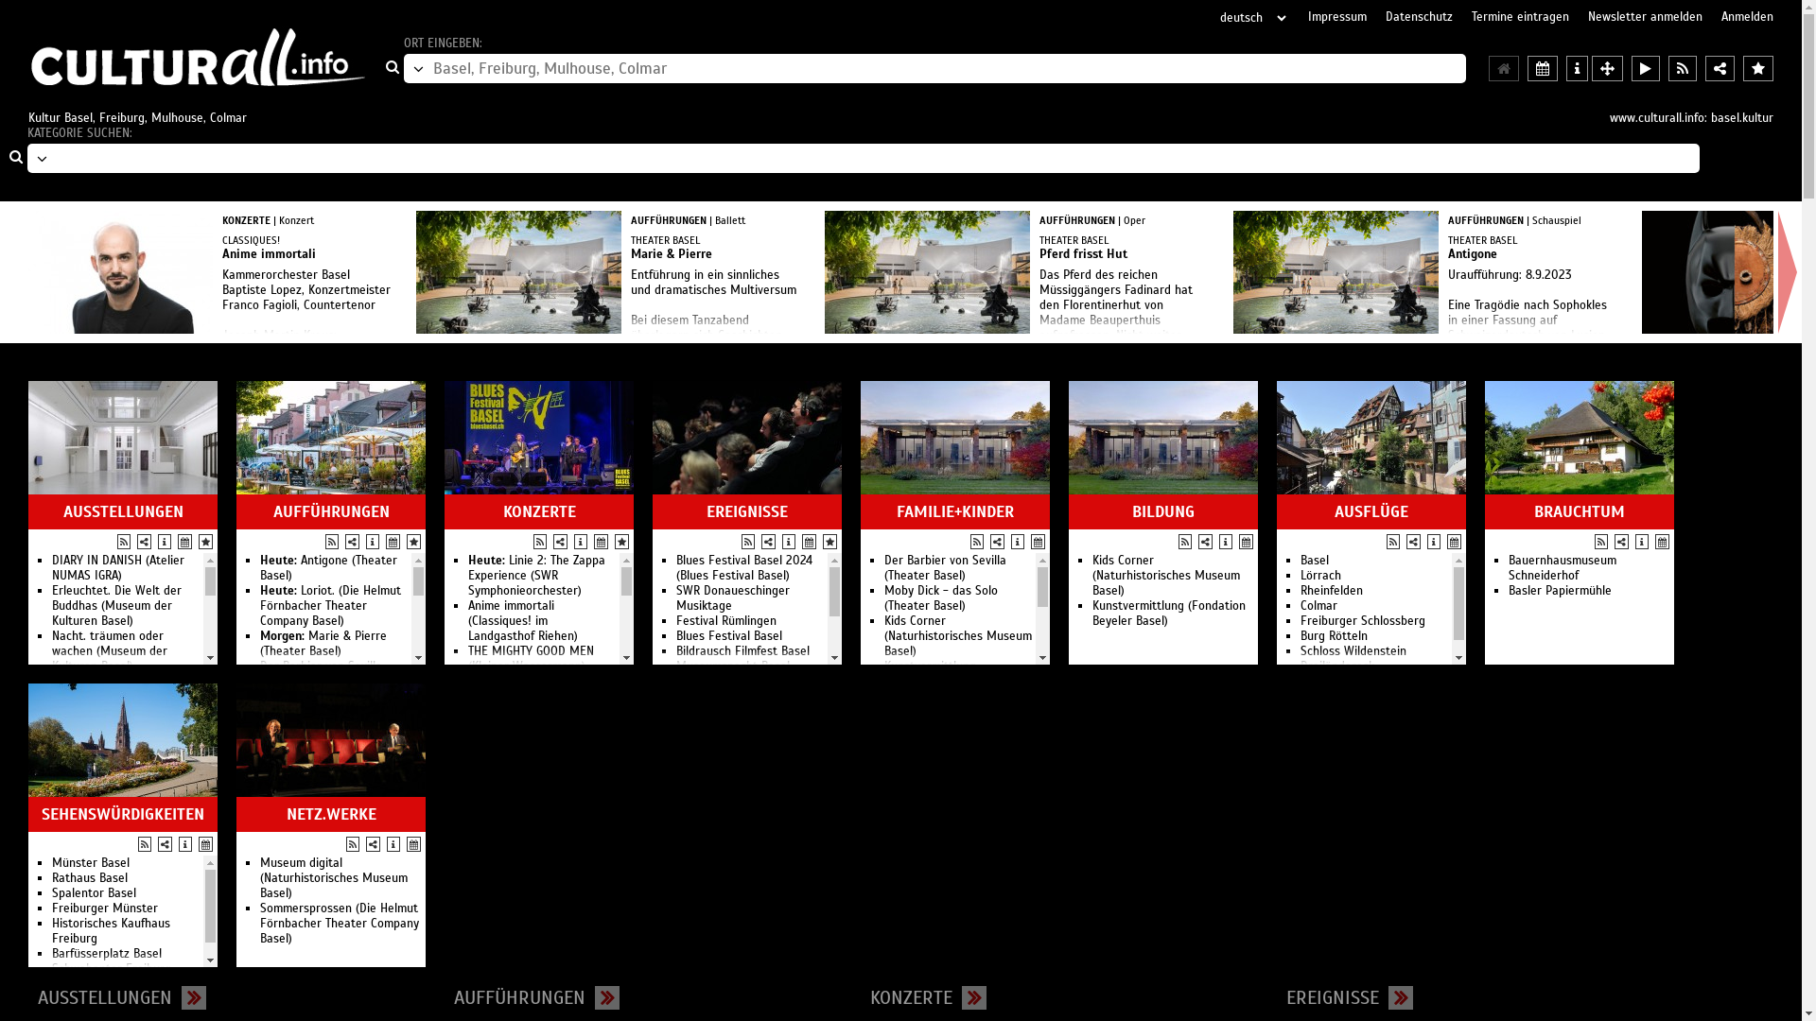  What do you see at coordinates (115, 605) in the screenshot?
I see `'Erleuchtet. Die Welt der Buddhas (Museum der Kulturen Basel)'` at bounding box center [115, 605].